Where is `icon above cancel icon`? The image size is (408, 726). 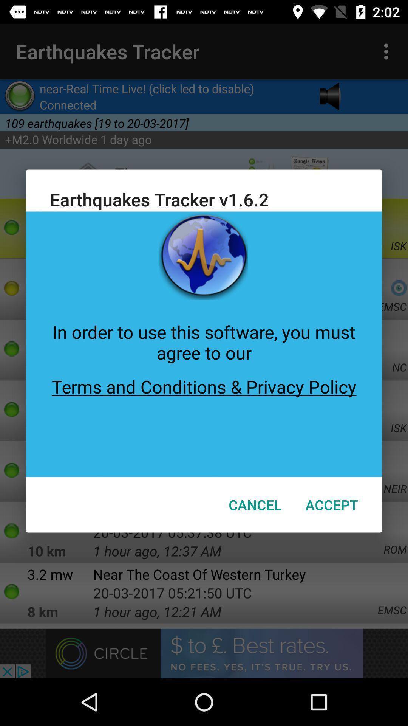 icon above cancel icon is located at coordinates (204, 420).